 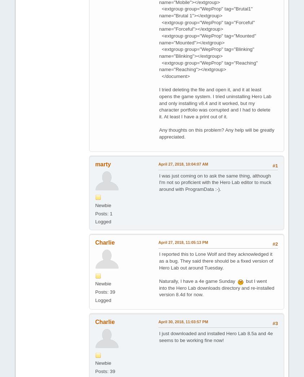 I want to click on '<extgroup group="WepProp" tag="Brutal1" name="Brutal 1"></extgroup>', so click(x=205, y=12).